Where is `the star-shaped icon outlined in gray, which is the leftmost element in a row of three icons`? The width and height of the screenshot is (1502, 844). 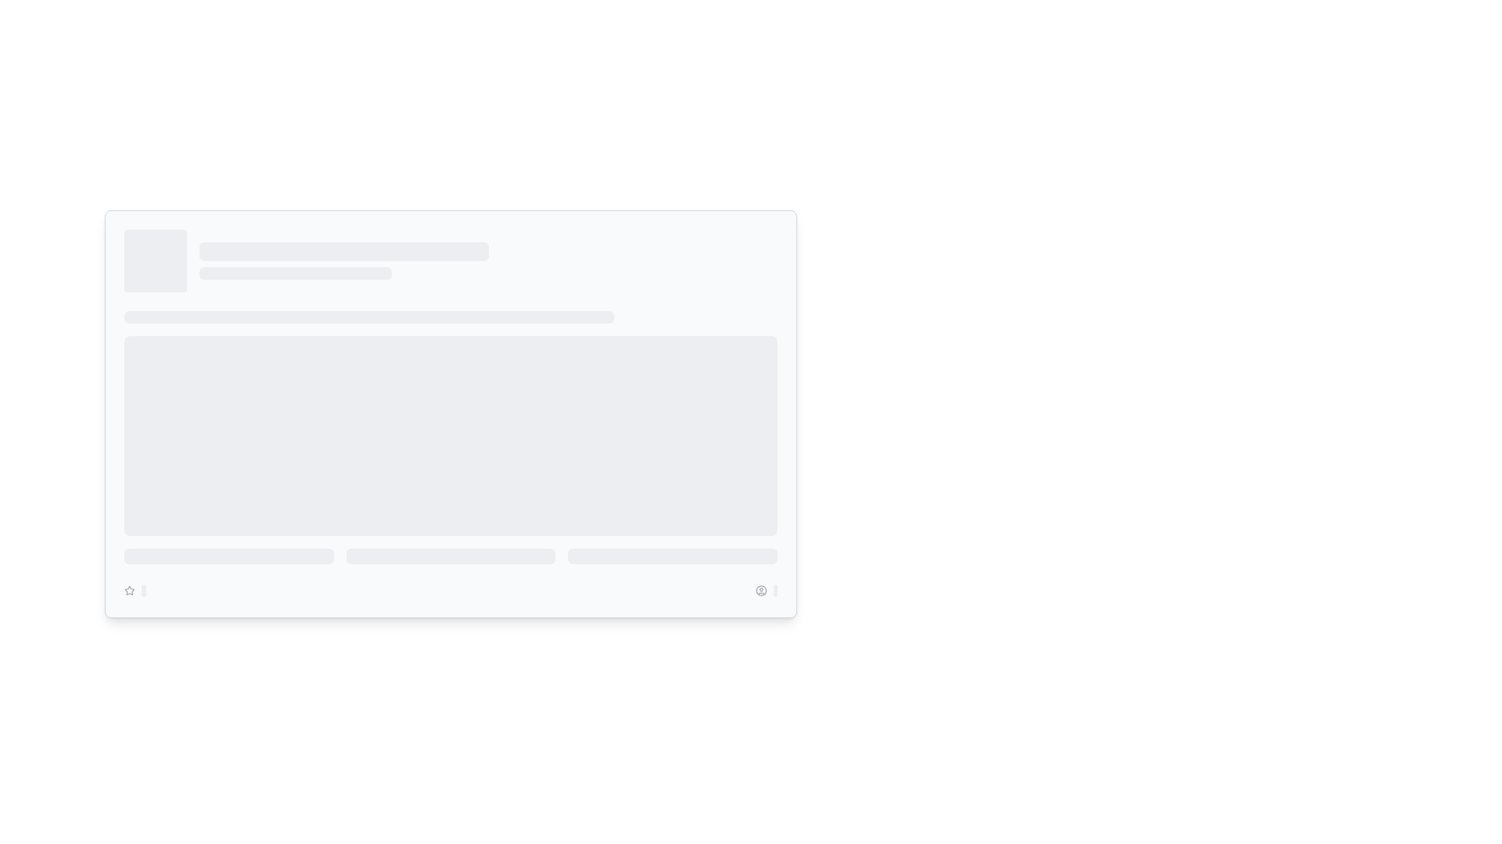
the star-shaped icon outlined in gray, which is the leftmost element in a row of three icons is located at coordinates (129, 591).